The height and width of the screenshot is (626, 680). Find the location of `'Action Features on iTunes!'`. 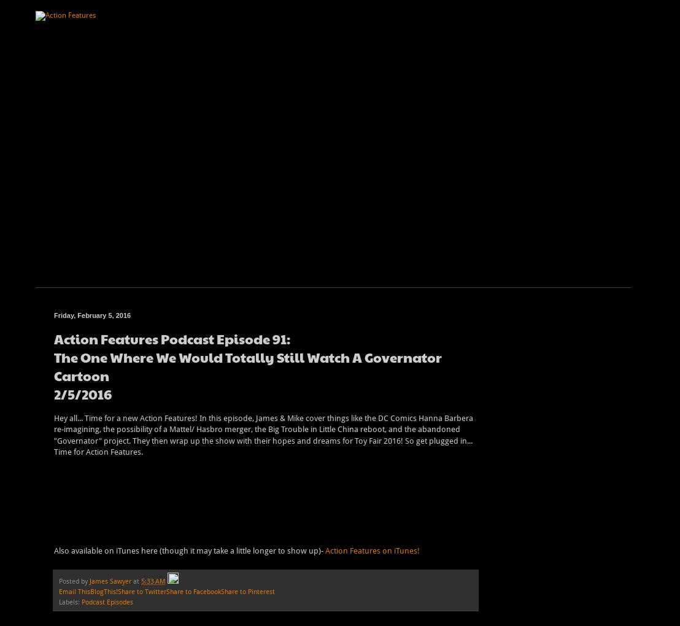

'Action Features on iTunes!' is located at coordinates (324, 551).